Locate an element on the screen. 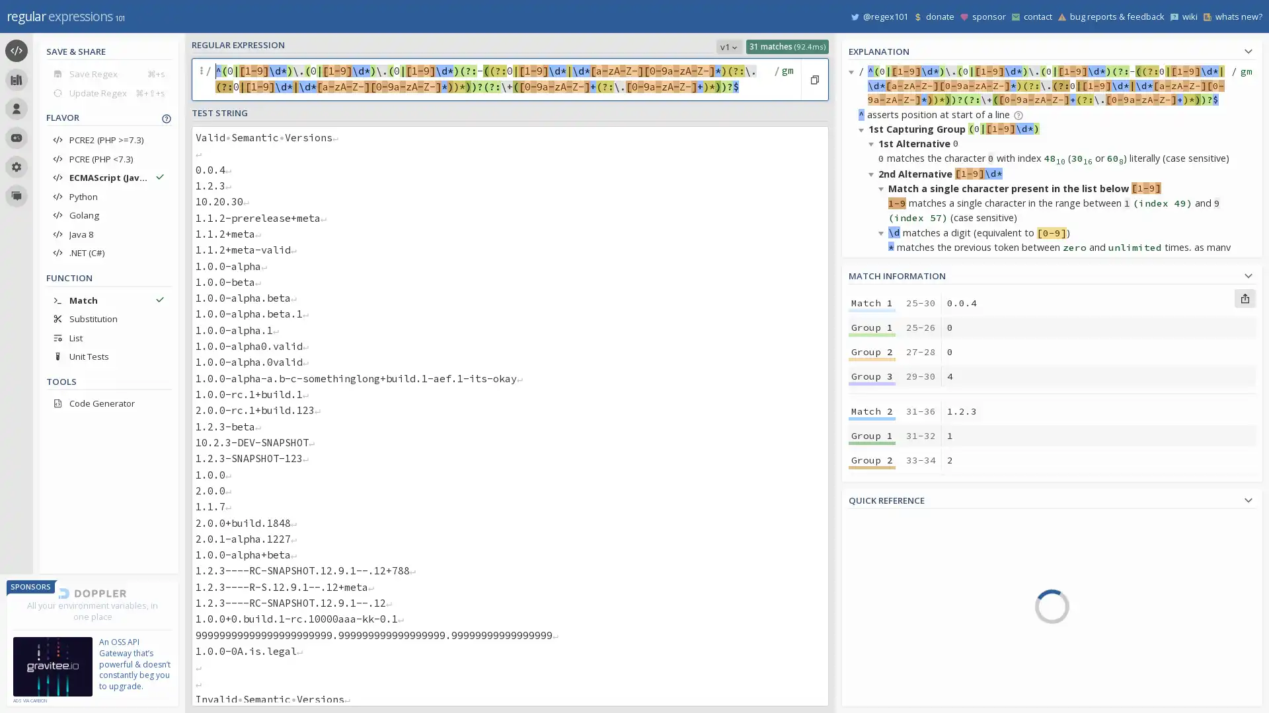 Image resolution: width=1269 pixels, height=713 pixels. Copy to clipboard is located at coordinates (814, 79).